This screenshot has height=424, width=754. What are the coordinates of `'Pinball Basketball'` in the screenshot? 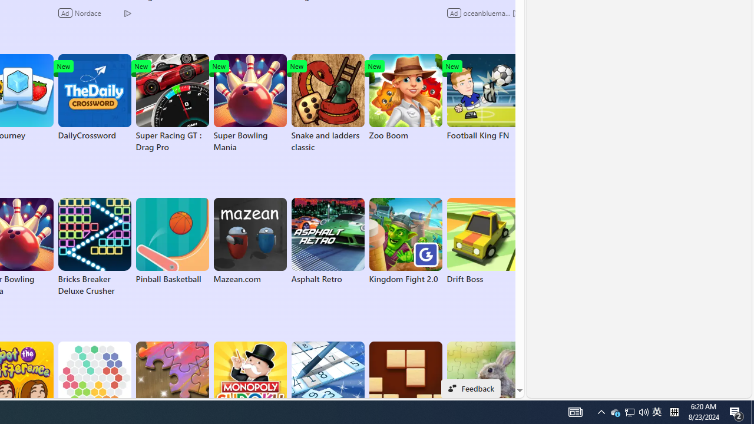 It's located at (171, 241).